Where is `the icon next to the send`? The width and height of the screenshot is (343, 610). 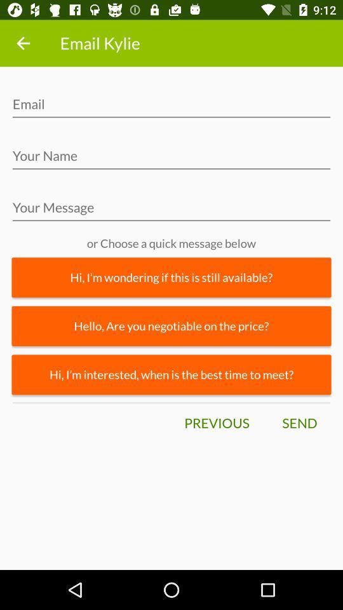 the icon next to the send is located at coordinates (216, 423).